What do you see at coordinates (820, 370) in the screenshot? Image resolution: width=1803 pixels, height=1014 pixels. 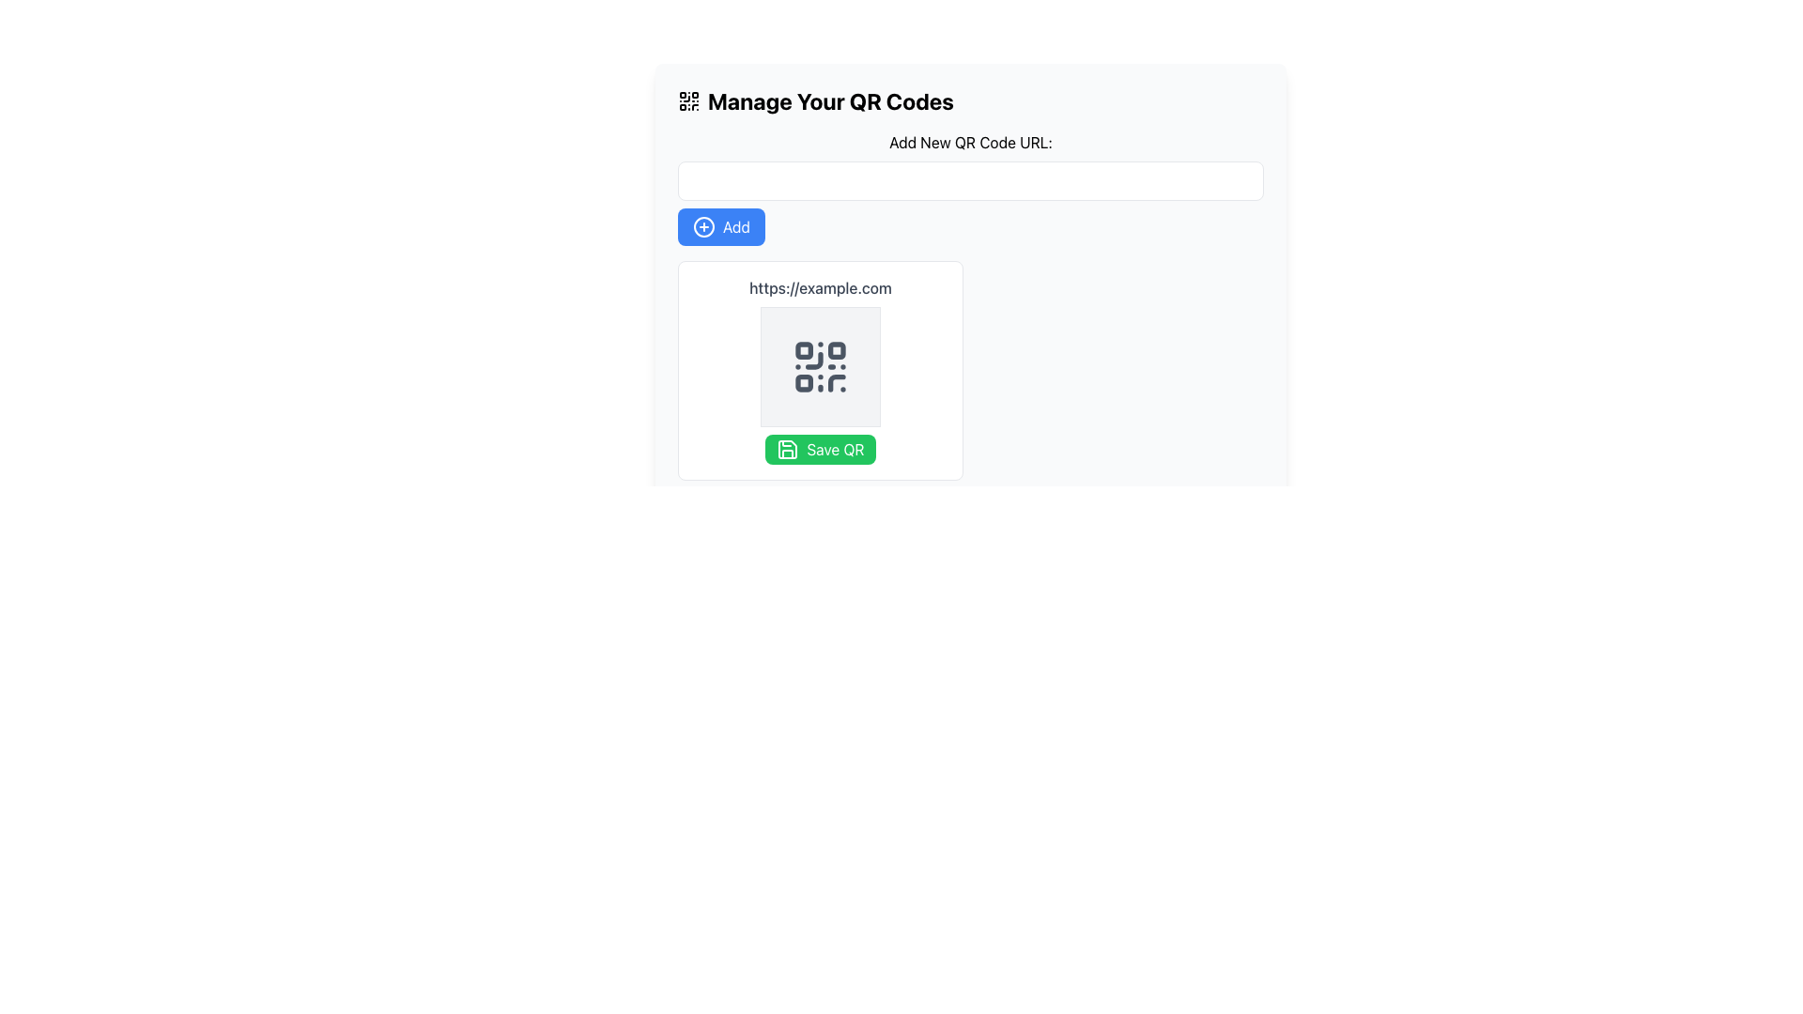 I see `the Display panel representing the QR code for the URL 'https://example.com', located centrally below the 'Manage Your QR Codes' header` at bounding box center [820, 370].